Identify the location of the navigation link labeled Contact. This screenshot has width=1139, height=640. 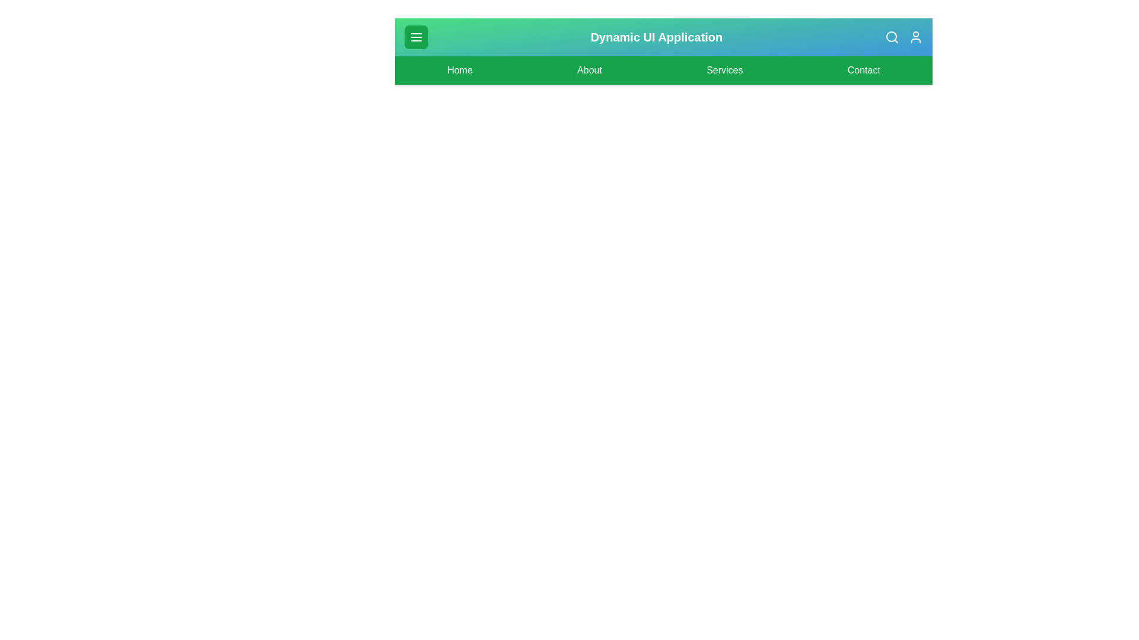
(863, 71).